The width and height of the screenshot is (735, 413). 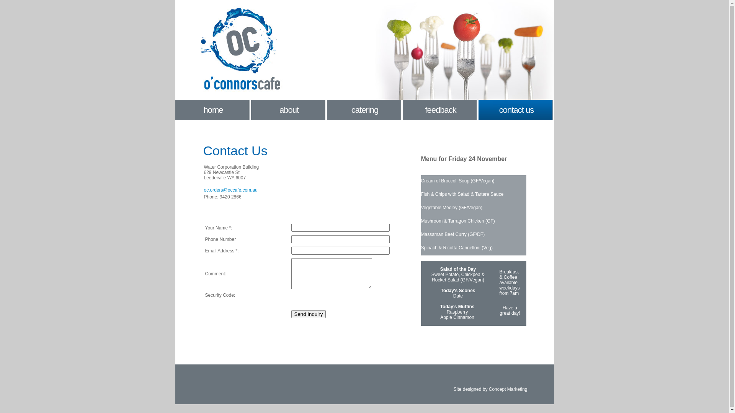 I want to click on 'feedback', so click(x=441, y=110).